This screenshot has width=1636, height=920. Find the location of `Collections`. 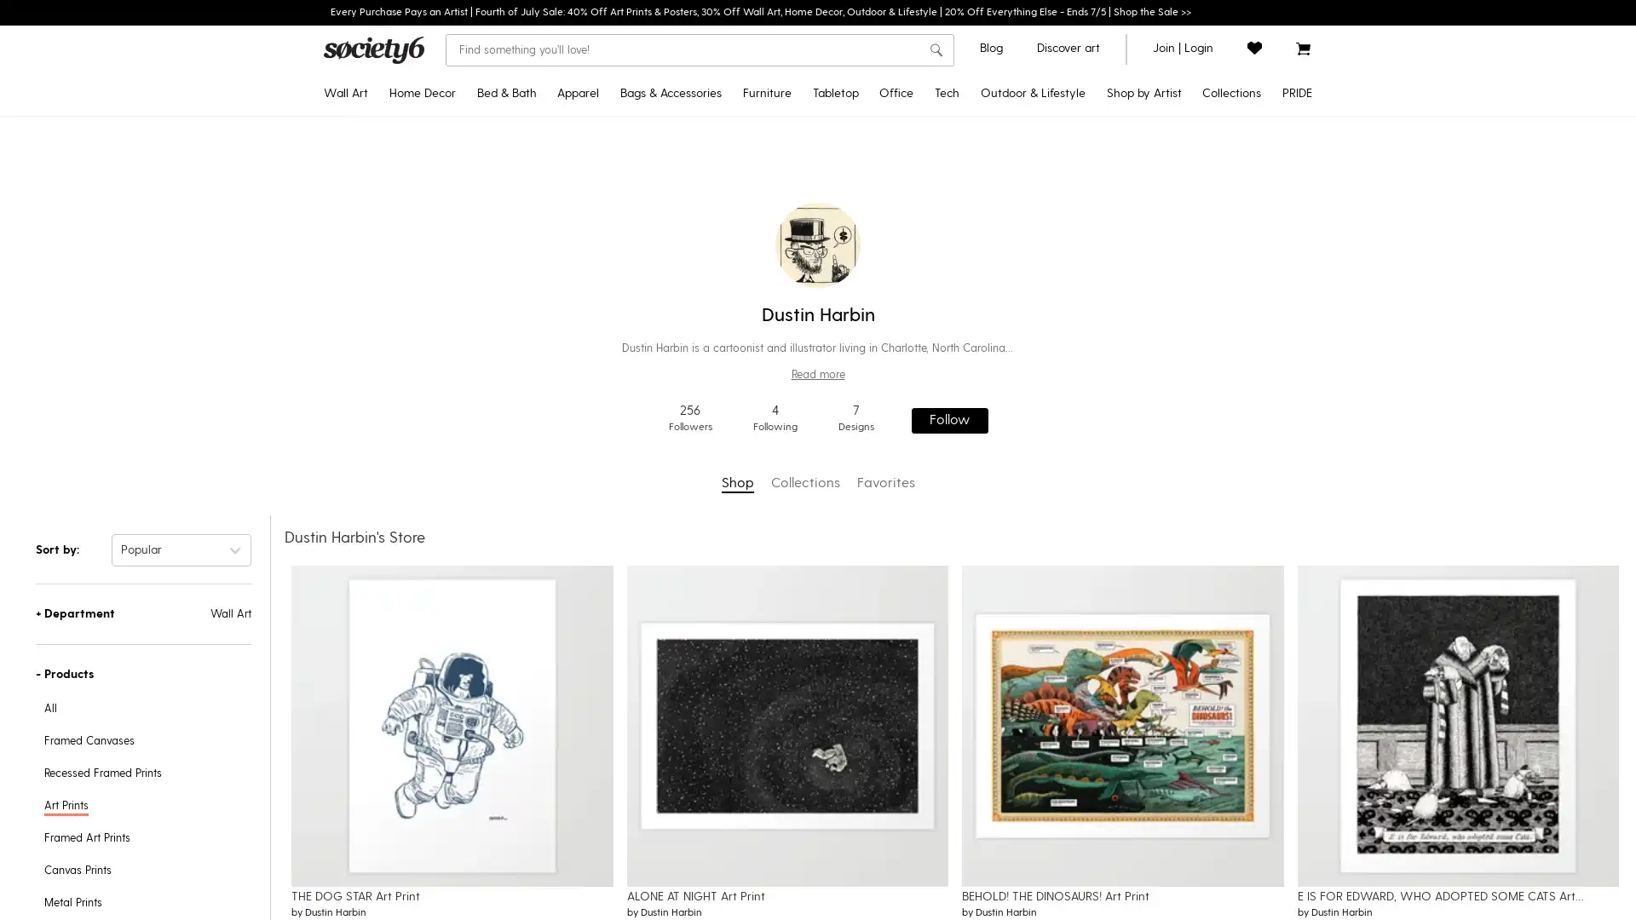

Collections is located at coordinates (1231, 94).